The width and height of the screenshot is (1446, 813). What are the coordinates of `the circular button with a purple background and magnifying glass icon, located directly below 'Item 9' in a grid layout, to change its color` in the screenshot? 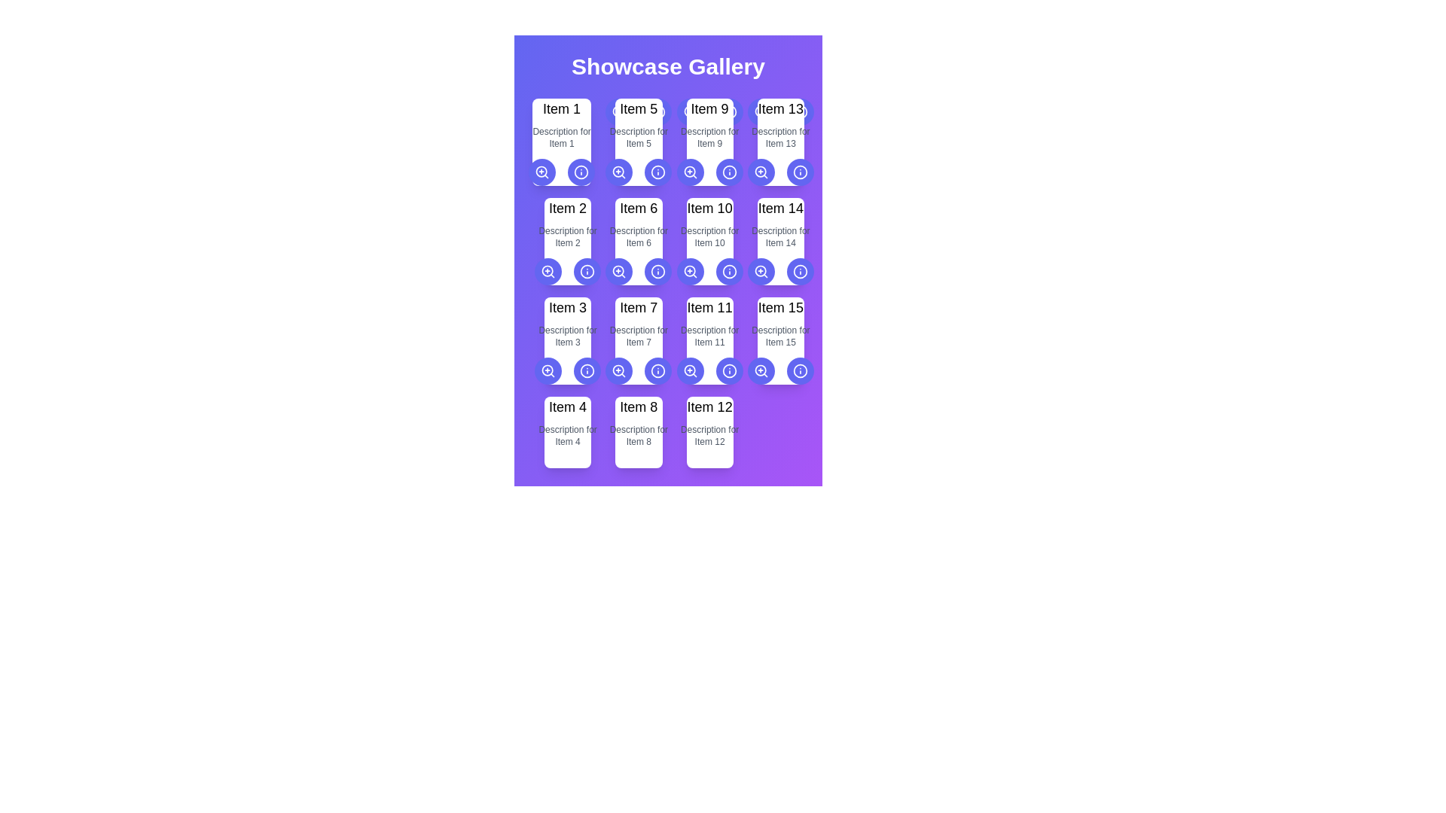 It's located at (761, 111).